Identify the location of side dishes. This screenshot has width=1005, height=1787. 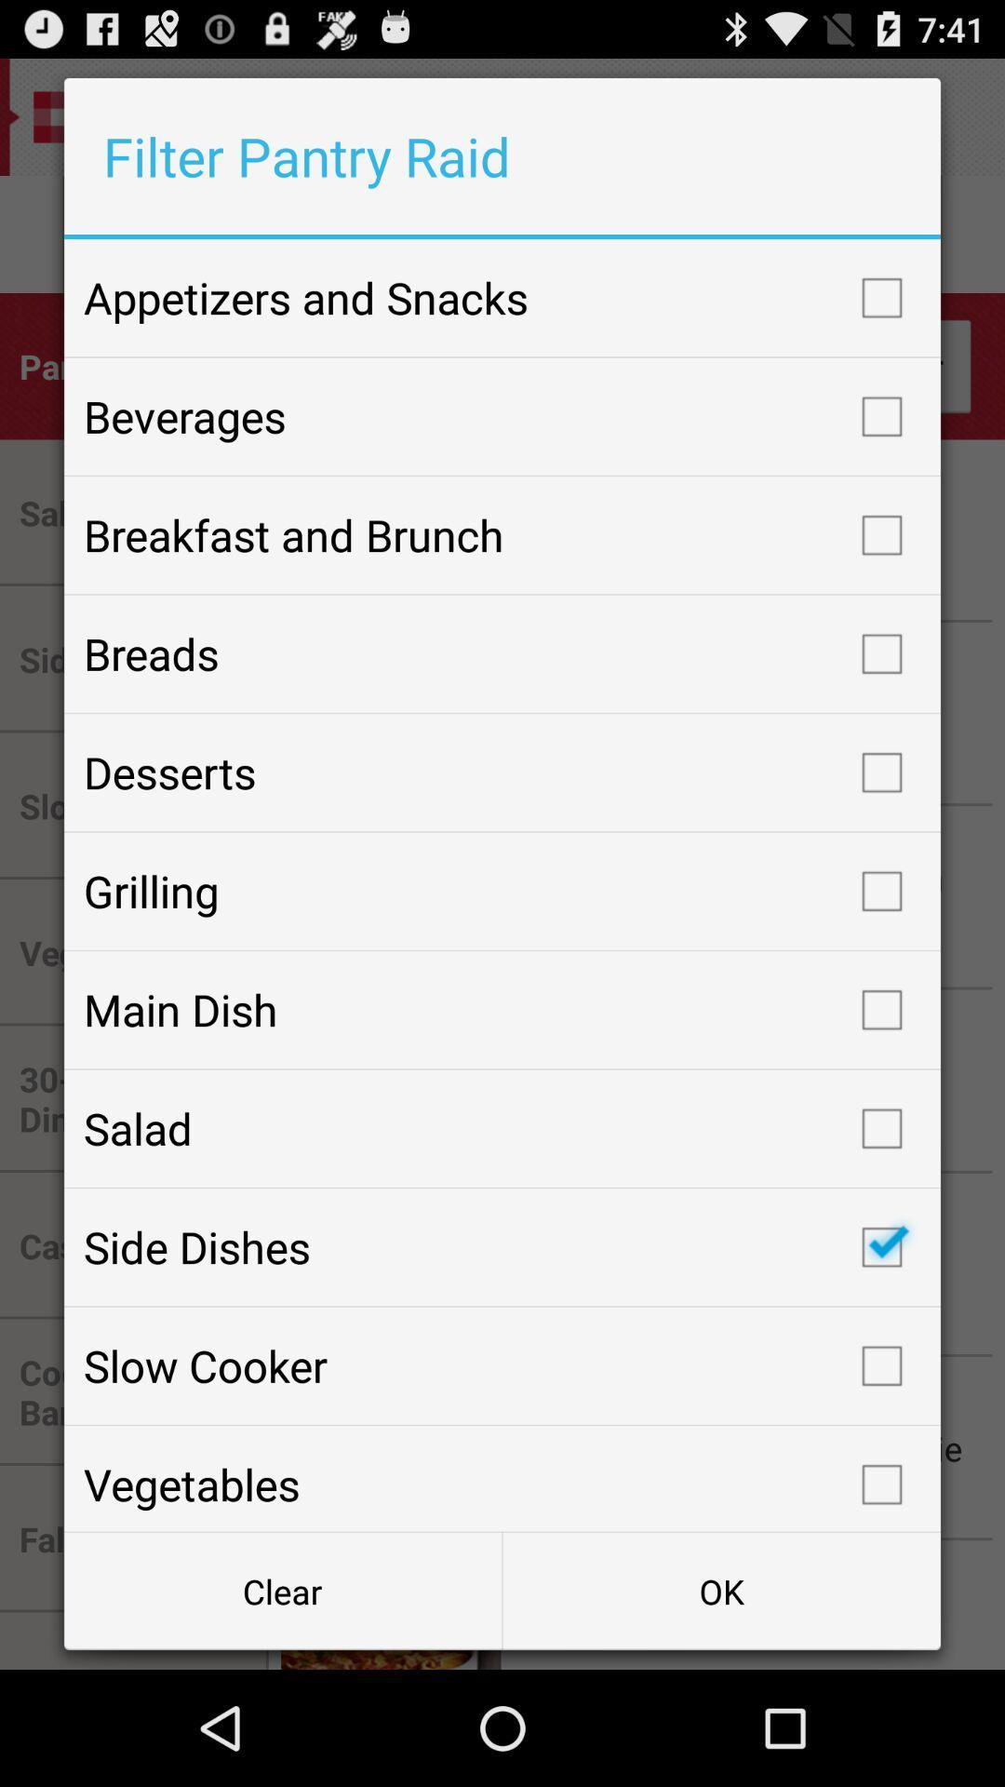
(502, 1247).